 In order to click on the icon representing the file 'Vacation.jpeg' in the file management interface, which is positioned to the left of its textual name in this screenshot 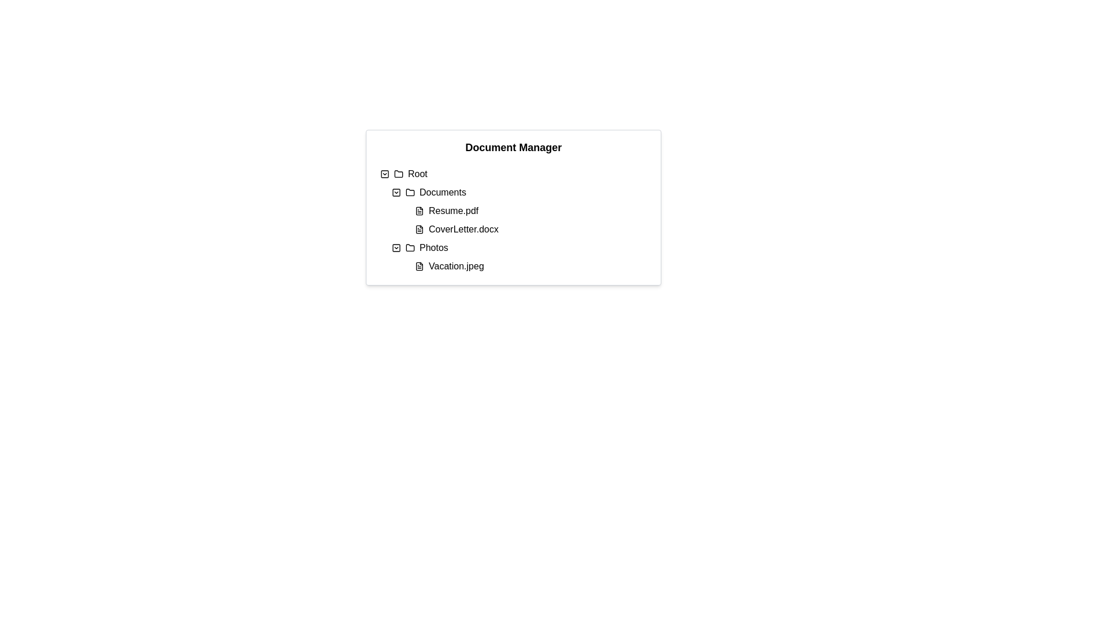, I will do `click(418, 267)`.